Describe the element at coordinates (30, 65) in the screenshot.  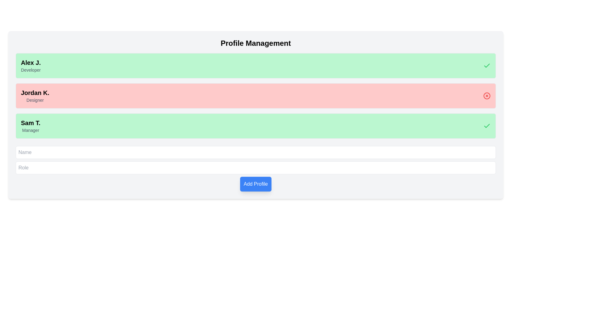
I see `the text label displaying 'Alex J.' and 'Developer' on the green background in the top left of the profile card` at that location.